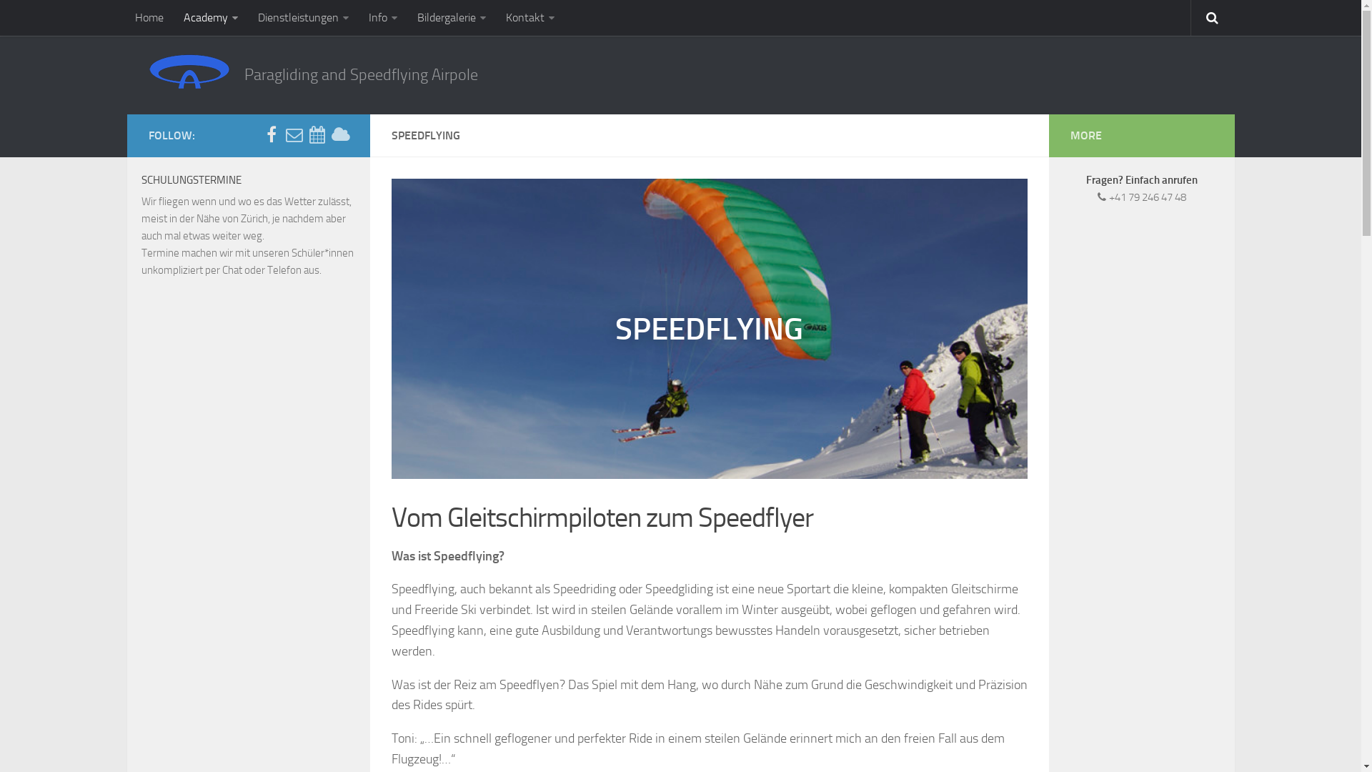 The height and width of the screenshot is (772, 1372). Describe the element at coordinates (451, 17) in the screenshot. I see `'Bildergalerie'` at that location.